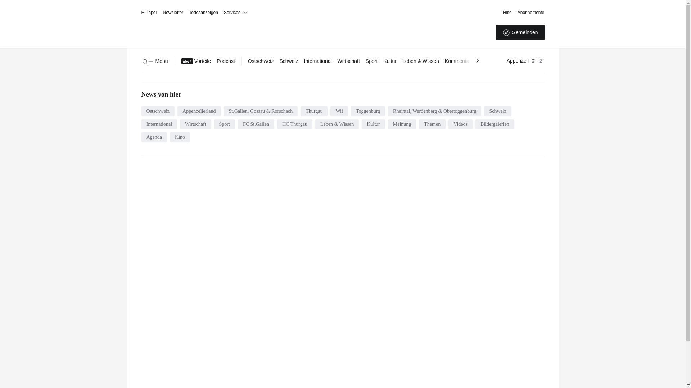  Describe the element at coordinates (196, 60) in the screenshot. I see `'Vorteile'` at that location.